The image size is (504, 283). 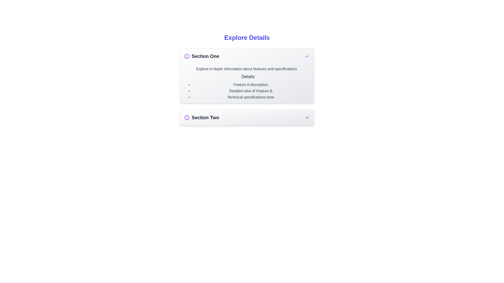 I want to click on the informational icon located at the leftmost side of the header bar for 'Section One', so click(x=187, y=56).